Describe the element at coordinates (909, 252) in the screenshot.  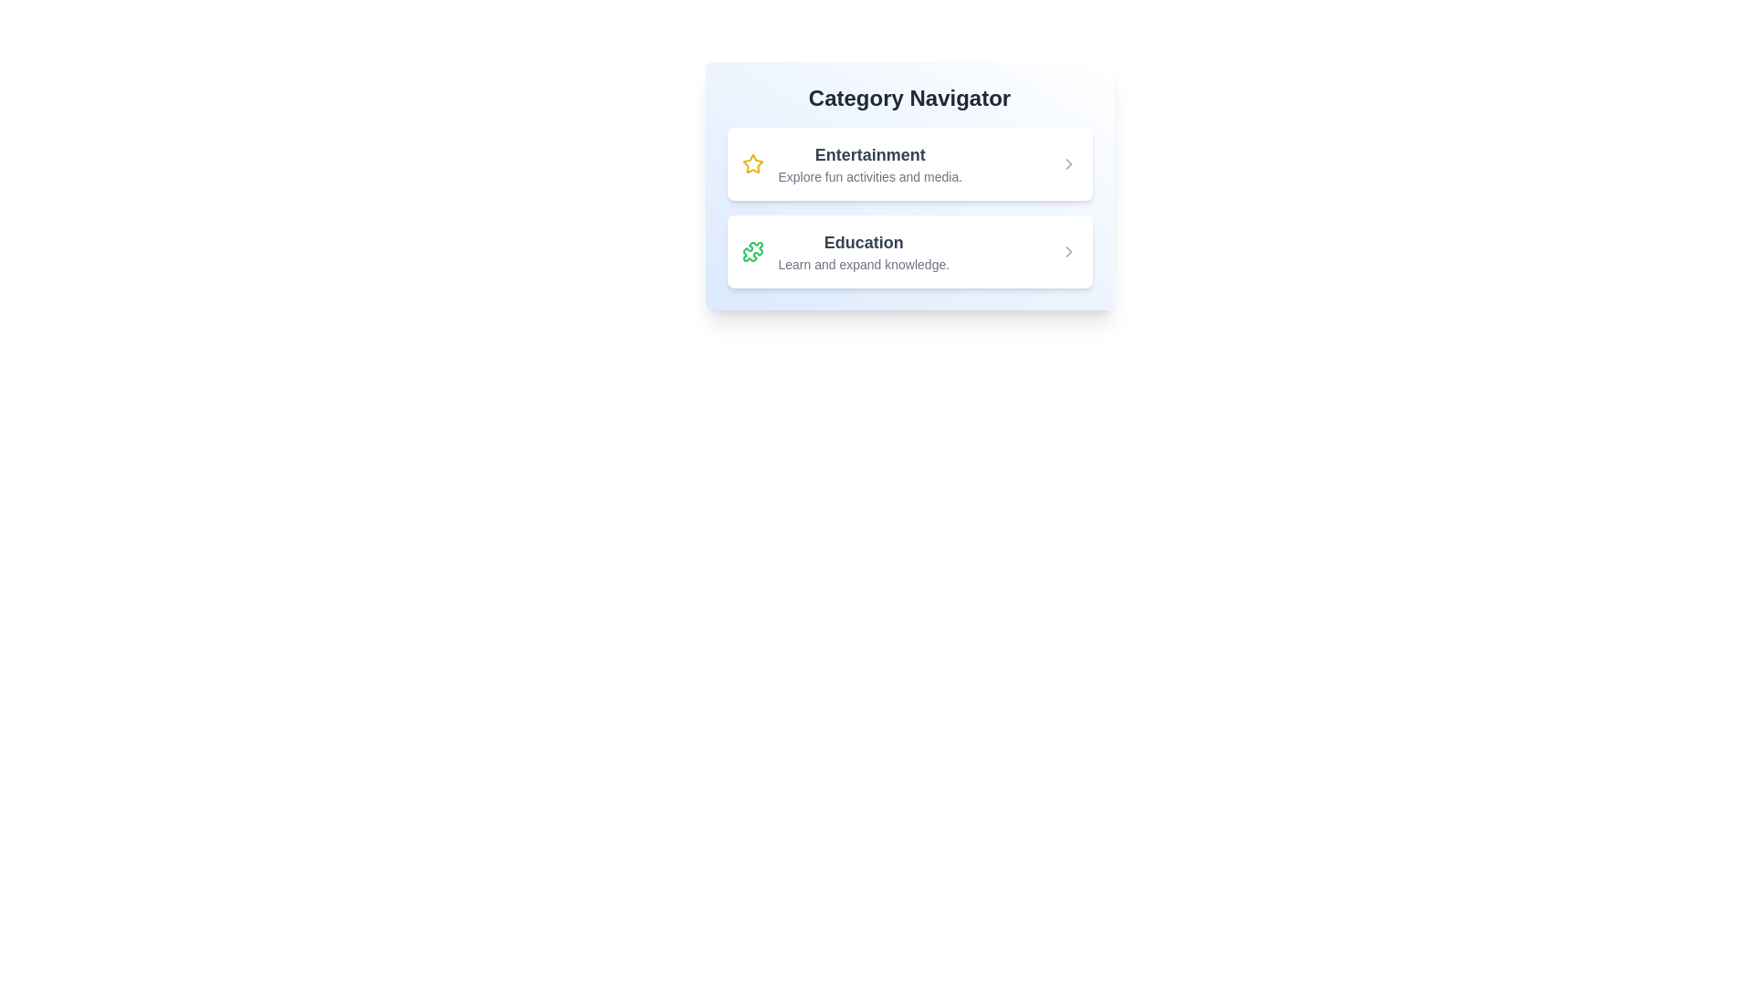
I see `the 'Education' button-like card located below the 'Entertainment' card in the 'Category Navigator'` at that location.